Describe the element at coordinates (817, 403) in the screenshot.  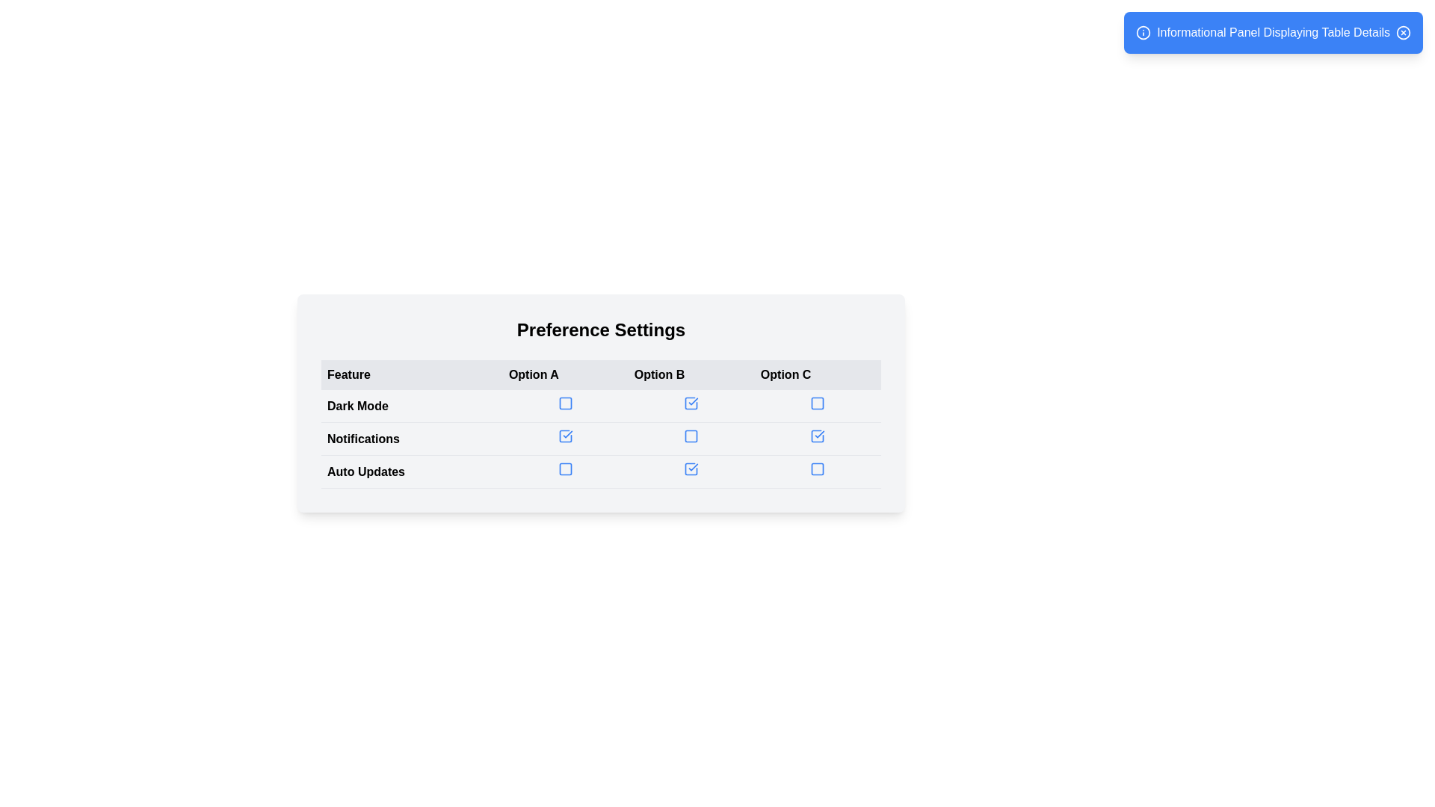
I see `the blue checkbox located in the 'Option C' column under the 'Dark Mode' row` at that location.